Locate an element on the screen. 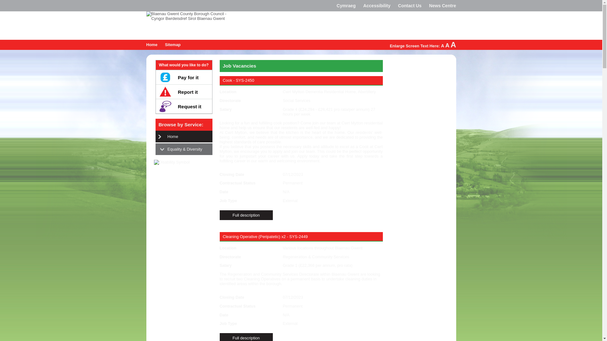  'A' is located at coordinates (453, 44).